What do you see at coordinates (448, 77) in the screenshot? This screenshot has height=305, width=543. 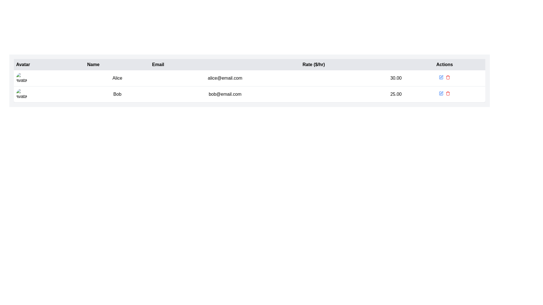 I see `the red trash icon button located in the 'Actions' column of the second row of the table` at bounding box center [448, 77].